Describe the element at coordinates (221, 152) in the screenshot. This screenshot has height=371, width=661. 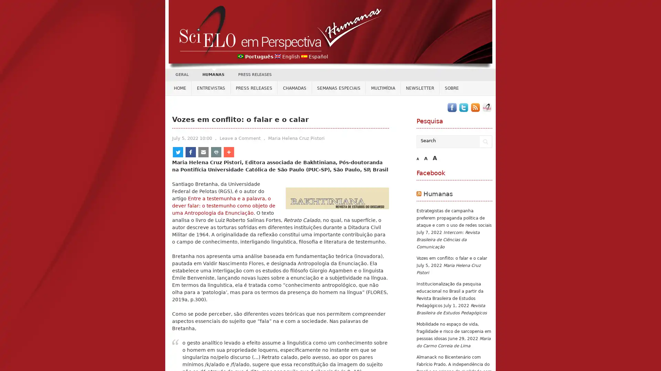
I see `Share to Facebook Facebook` at that location.